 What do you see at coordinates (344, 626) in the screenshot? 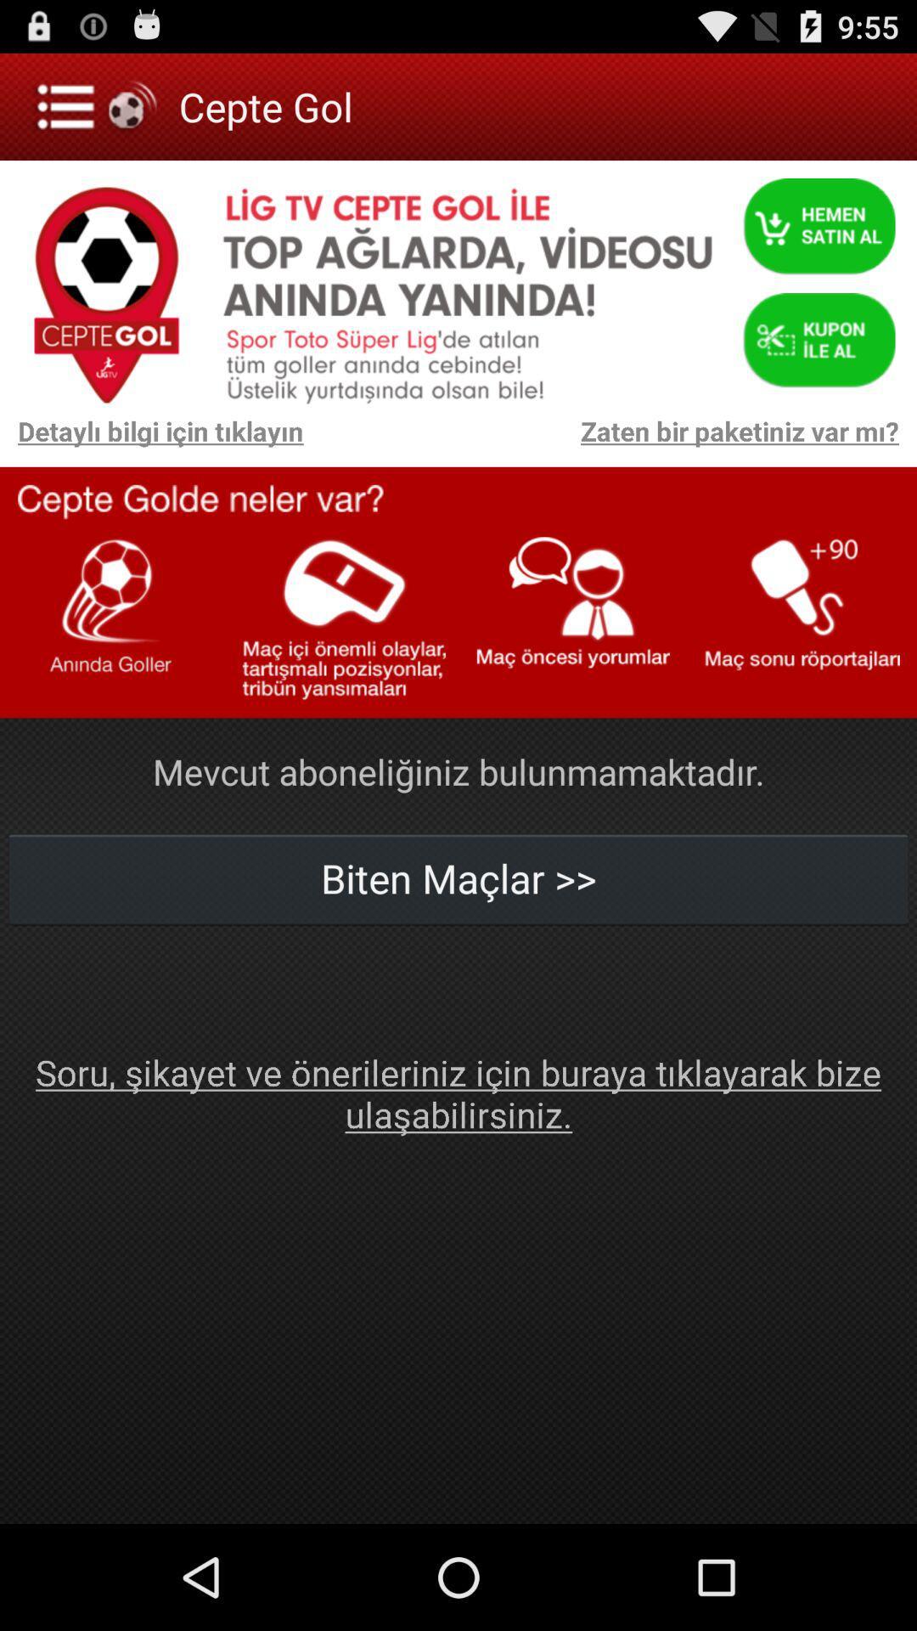
I see `the second option from left` at bounding box center [344, 626].